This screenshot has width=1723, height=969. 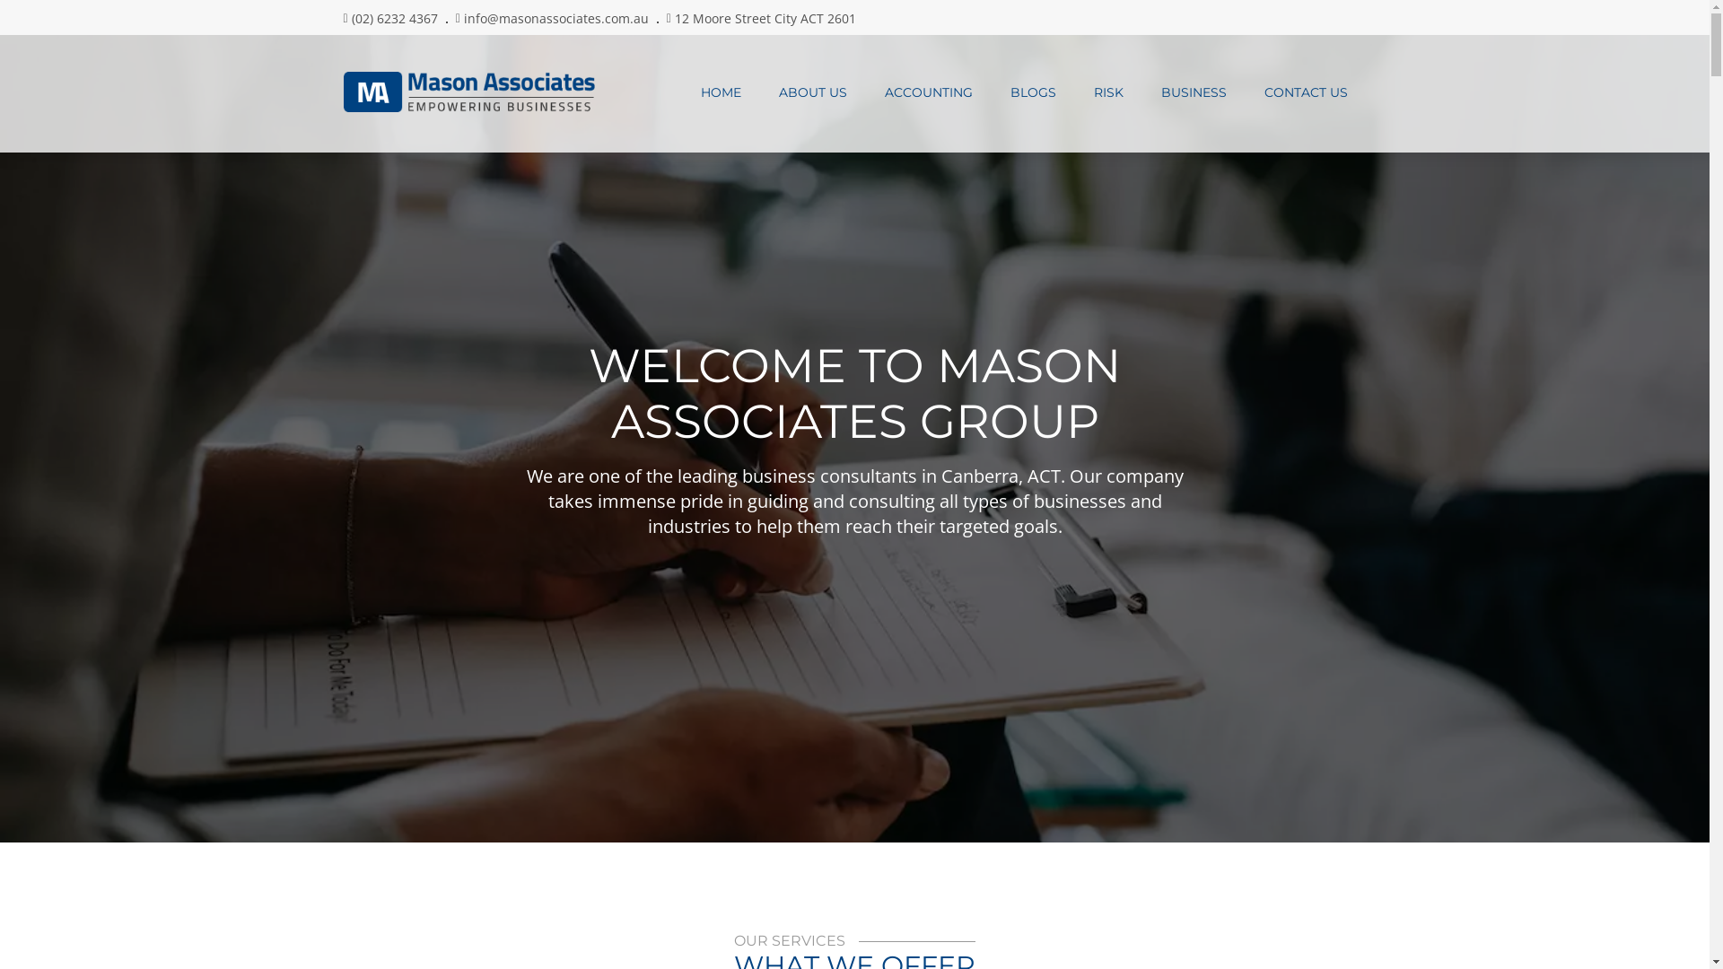 What do you see at coordinates (680, 92) in the screenshot?
I see `'HOME'` at bounding box center [680, 92].